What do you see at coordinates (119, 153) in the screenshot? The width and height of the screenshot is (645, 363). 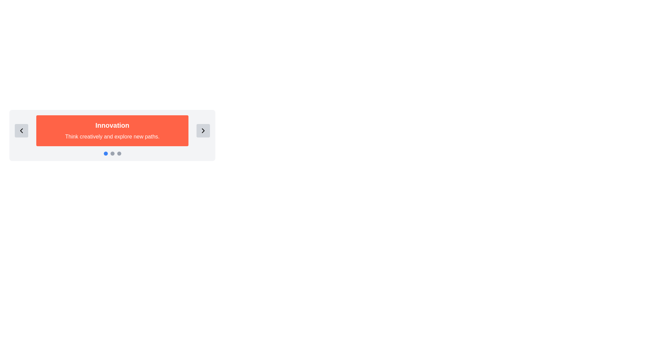 I see `the third dot-style navigation indicator with a gray background, located beneath the 'Innovation' banner` at bounding box center [119, 153].